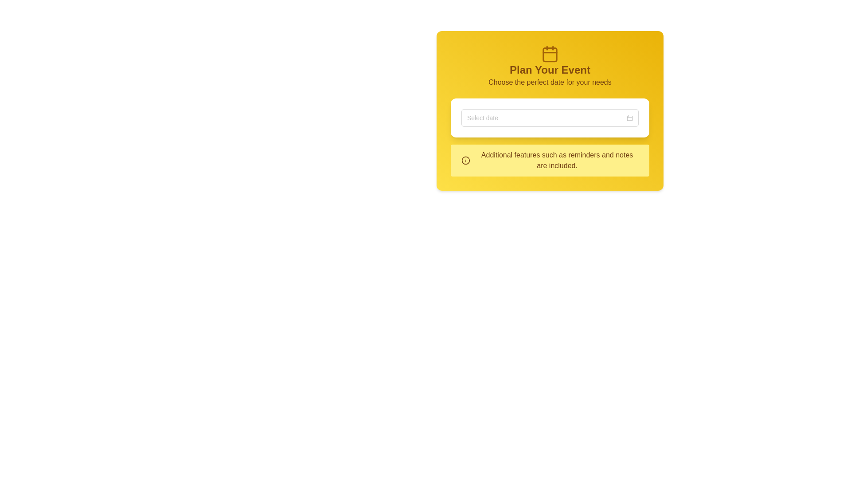 The image size is (851, 479). I want to click on circular icon with a thin outer border and a central vertical line, located in the lower section of the yellow box, to the left of the descriptive text about additional features, so click(465, 161).